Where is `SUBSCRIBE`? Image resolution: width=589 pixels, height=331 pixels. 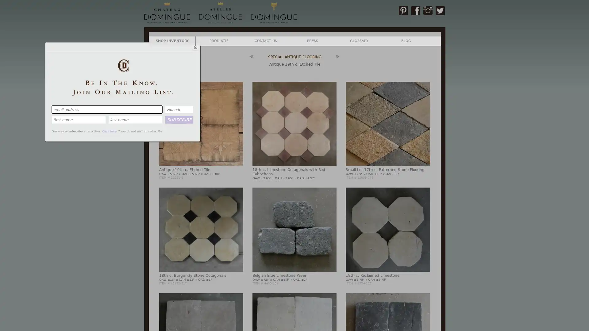 SUBSCRIBE is located at coordinates (179, 119).